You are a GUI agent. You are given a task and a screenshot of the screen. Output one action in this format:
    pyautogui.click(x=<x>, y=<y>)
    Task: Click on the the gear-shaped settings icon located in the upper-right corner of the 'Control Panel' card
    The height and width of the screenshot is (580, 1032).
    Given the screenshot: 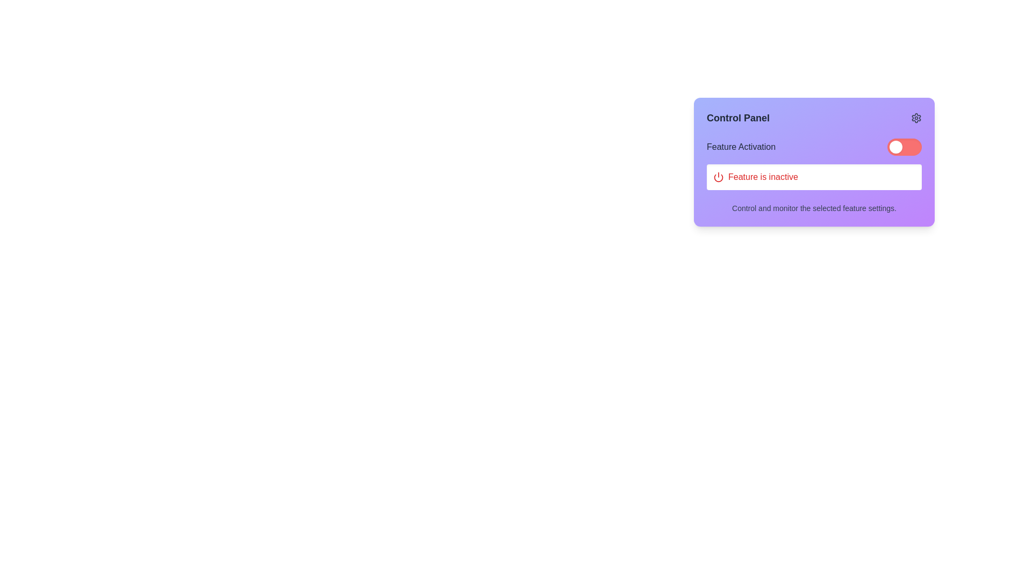 What is the action you would take?
    pyautogui.click(x=915, y=118)
    